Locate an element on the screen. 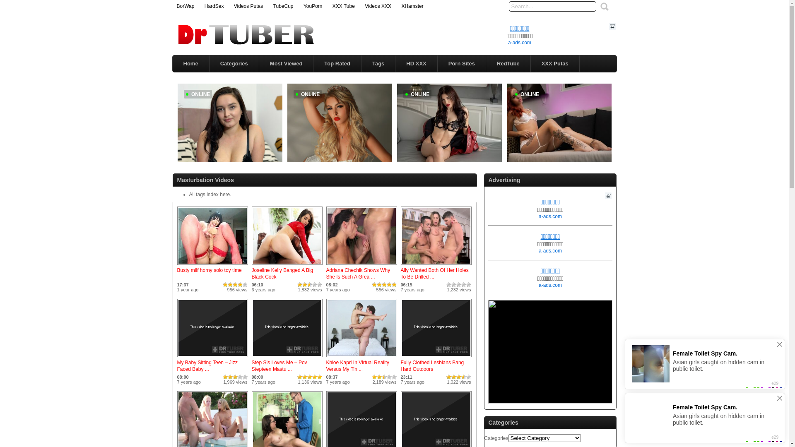 This screenshot has height=447, width=795. 'XXX Tube' is located at coordinates (344, 6).